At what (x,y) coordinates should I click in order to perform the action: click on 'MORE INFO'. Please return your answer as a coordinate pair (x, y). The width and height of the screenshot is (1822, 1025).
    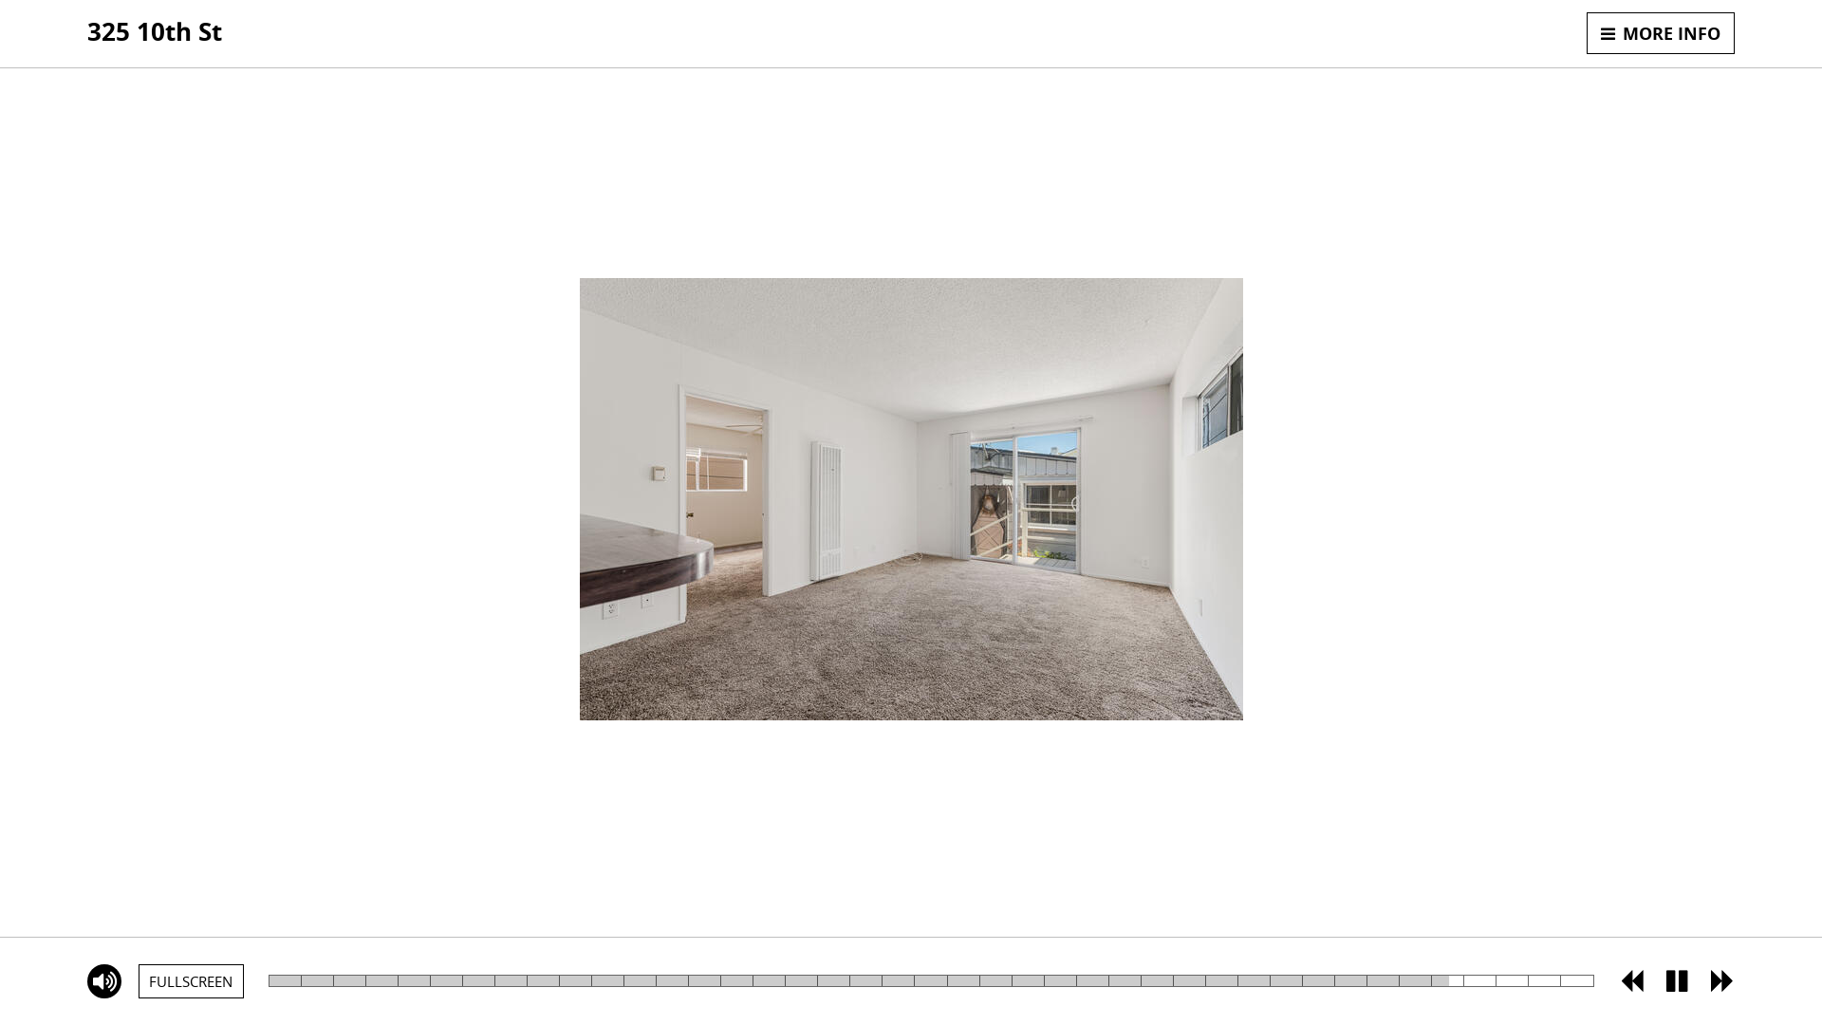
    Looking at the image, I should click on (1660, 32).